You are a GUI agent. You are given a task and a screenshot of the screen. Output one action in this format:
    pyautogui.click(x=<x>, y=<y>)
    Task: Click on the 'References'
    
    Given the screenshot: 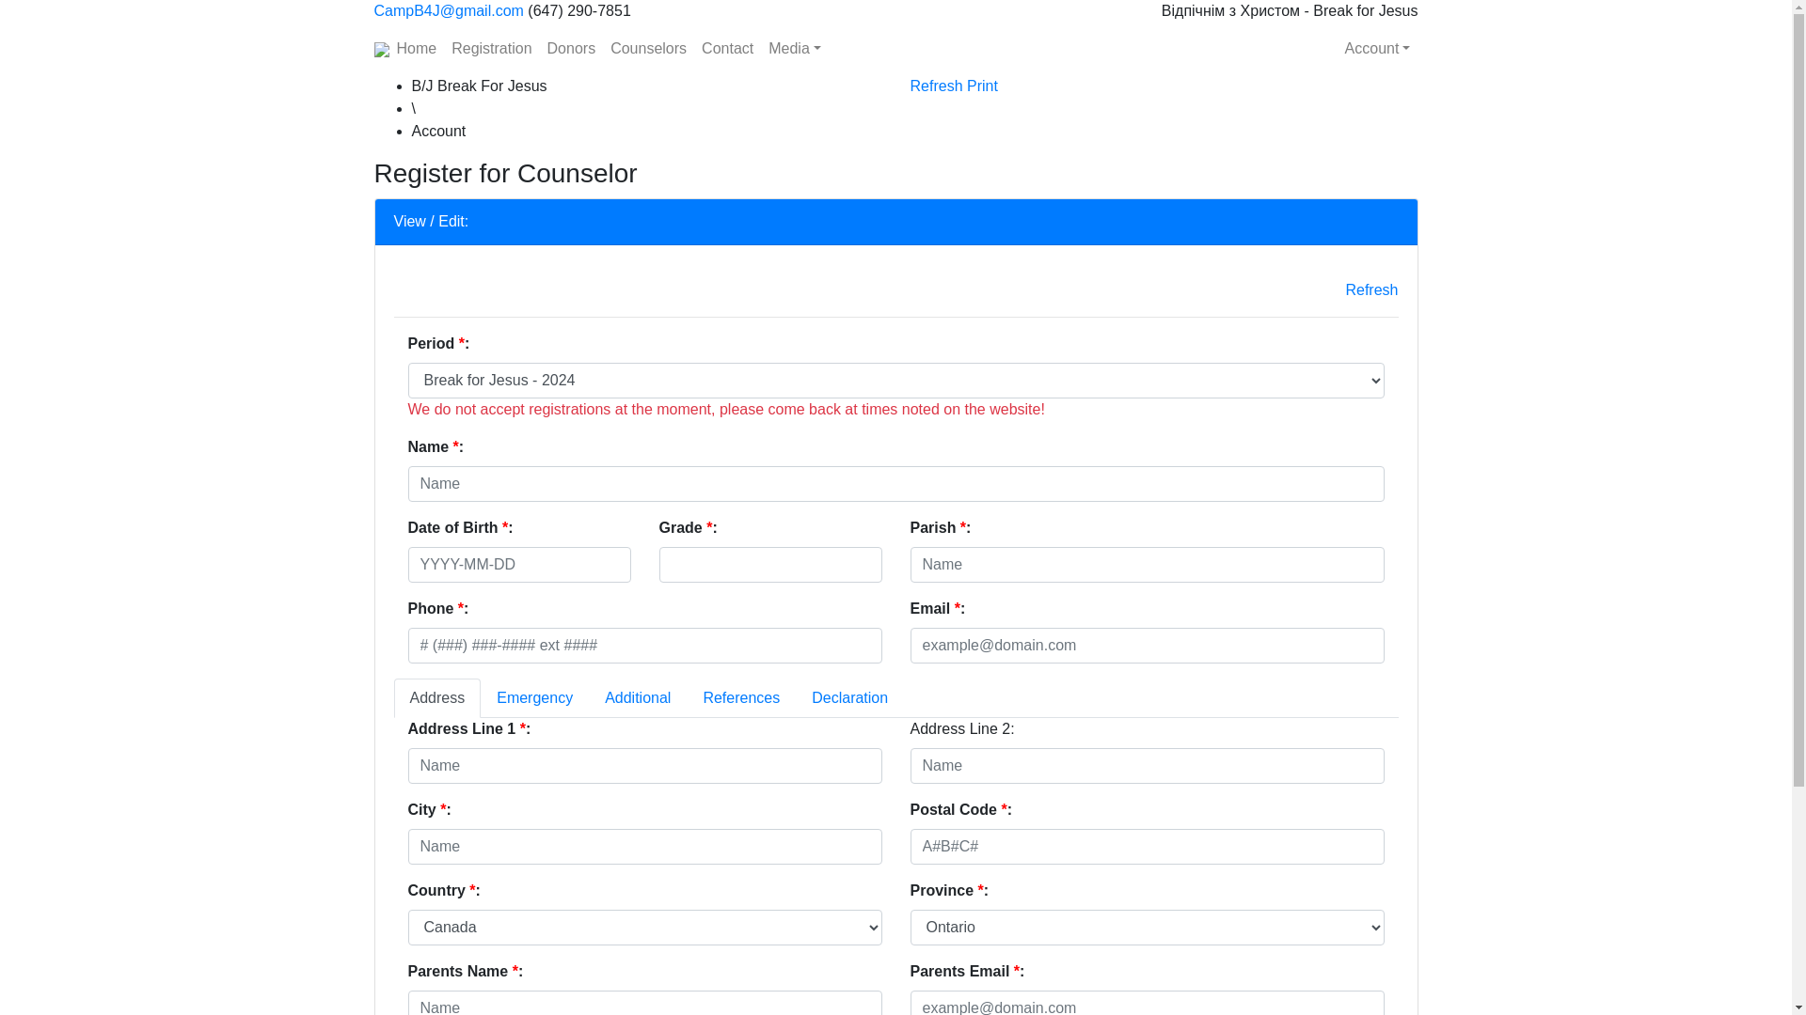 What is the action you would take?
    pyautogui.click(x=739, y=698)
    